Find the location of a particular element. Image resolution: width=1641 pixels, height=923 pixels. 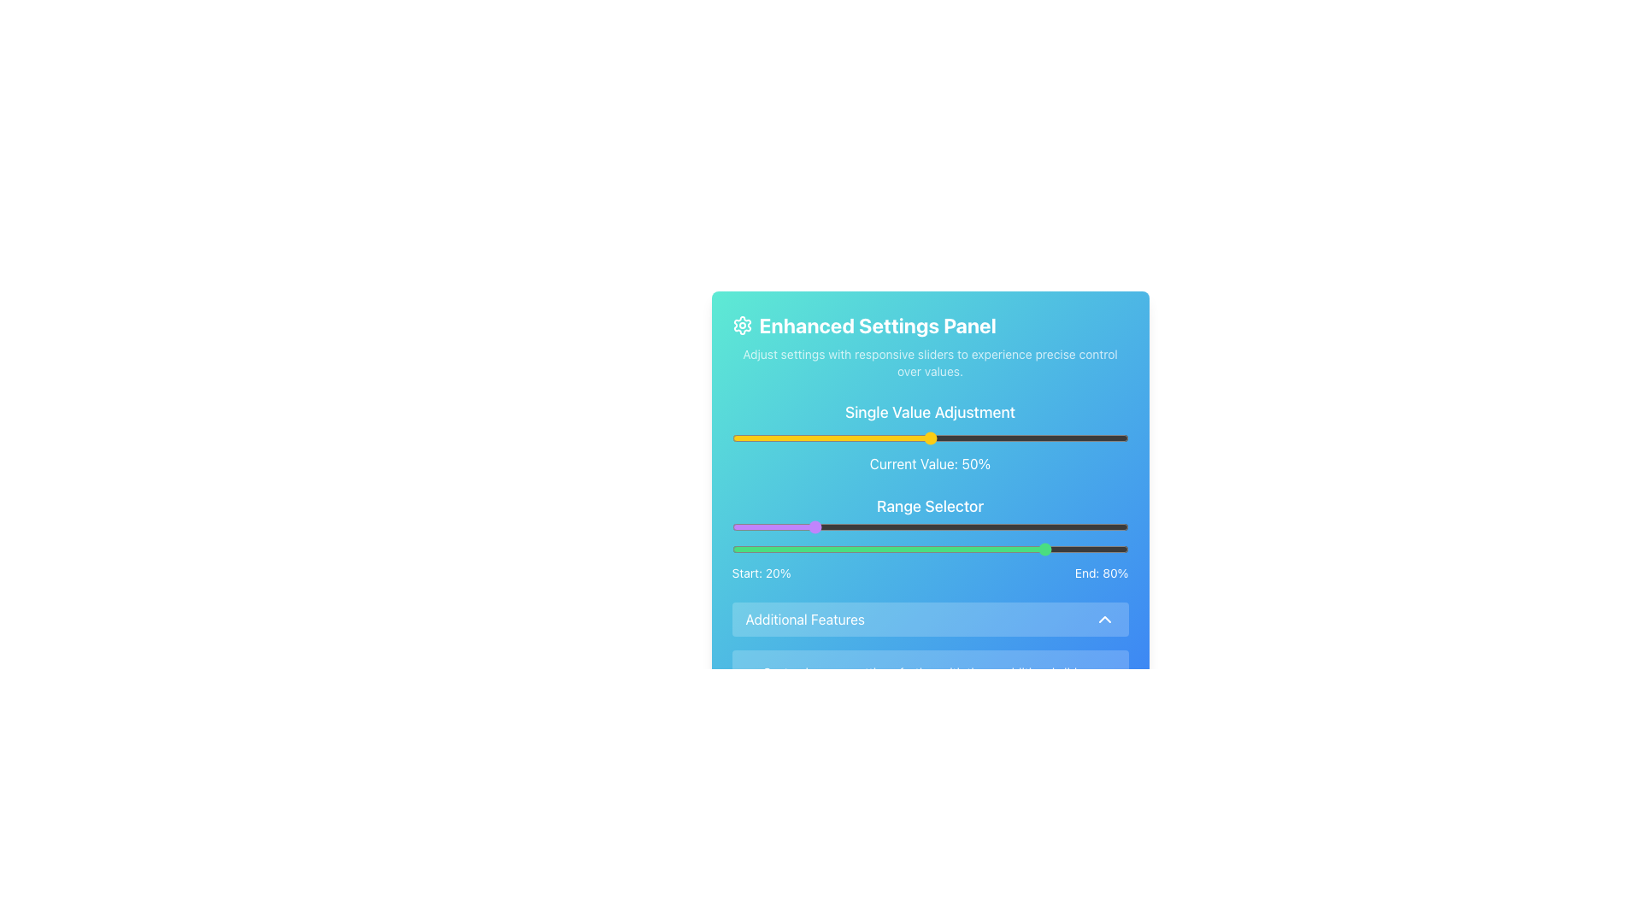

text label that displays 'End: 80%' in bold font on a blue background, located at the bottom right of the 'Range Selector' section is located at coordinates (1102, 573).